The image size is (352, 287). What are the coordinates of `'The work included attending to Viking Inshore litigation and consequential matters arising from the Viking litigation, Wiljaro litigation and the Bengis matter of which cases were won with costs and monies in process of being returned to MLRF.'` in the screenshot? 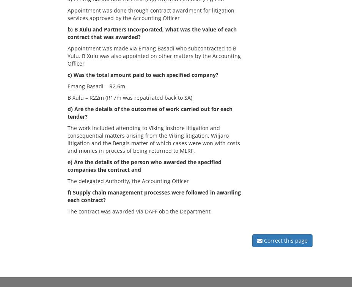 It's located at (154, 138).